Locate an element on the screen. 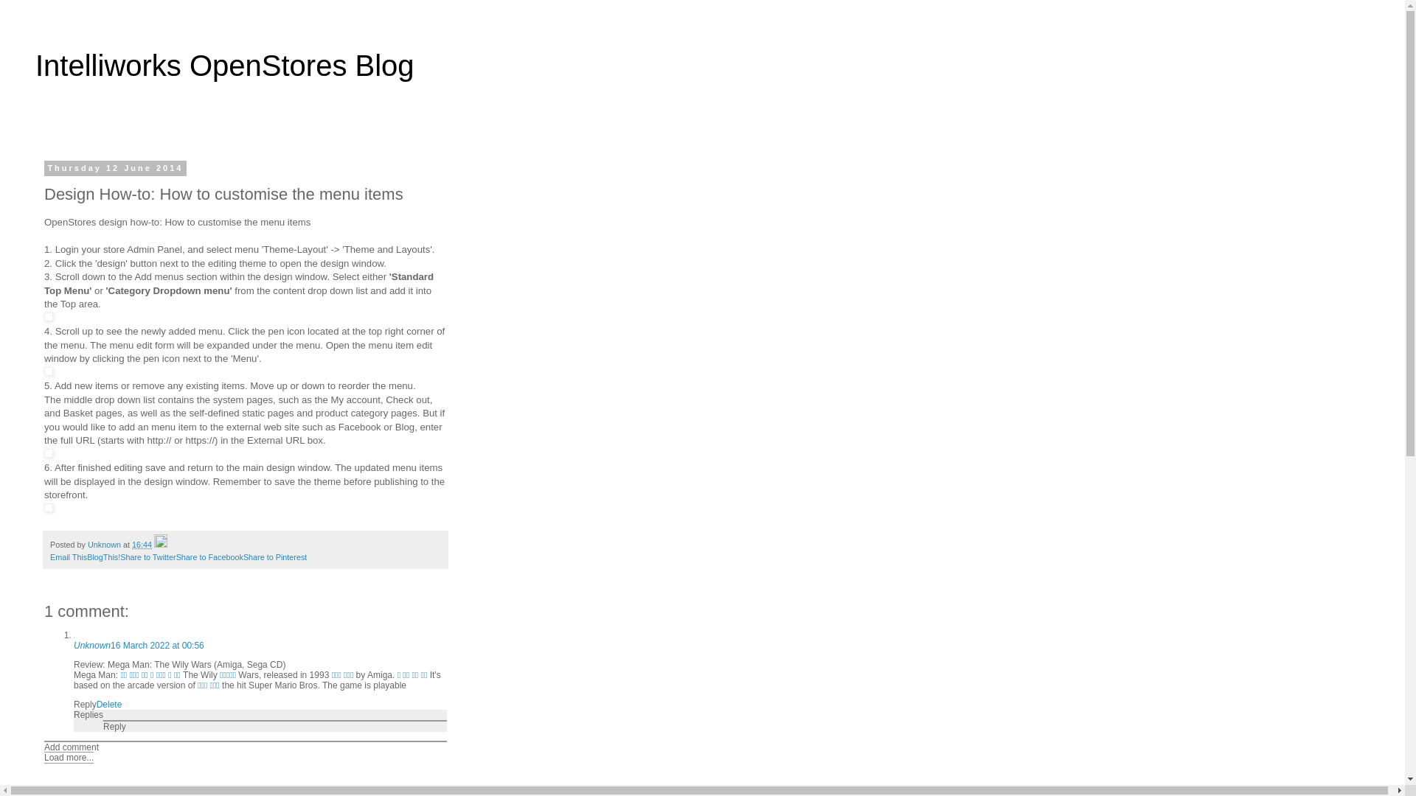 This screenshot has width=1416, height=796. 'Share to Pinterest' is located at coordinates (243, 557).